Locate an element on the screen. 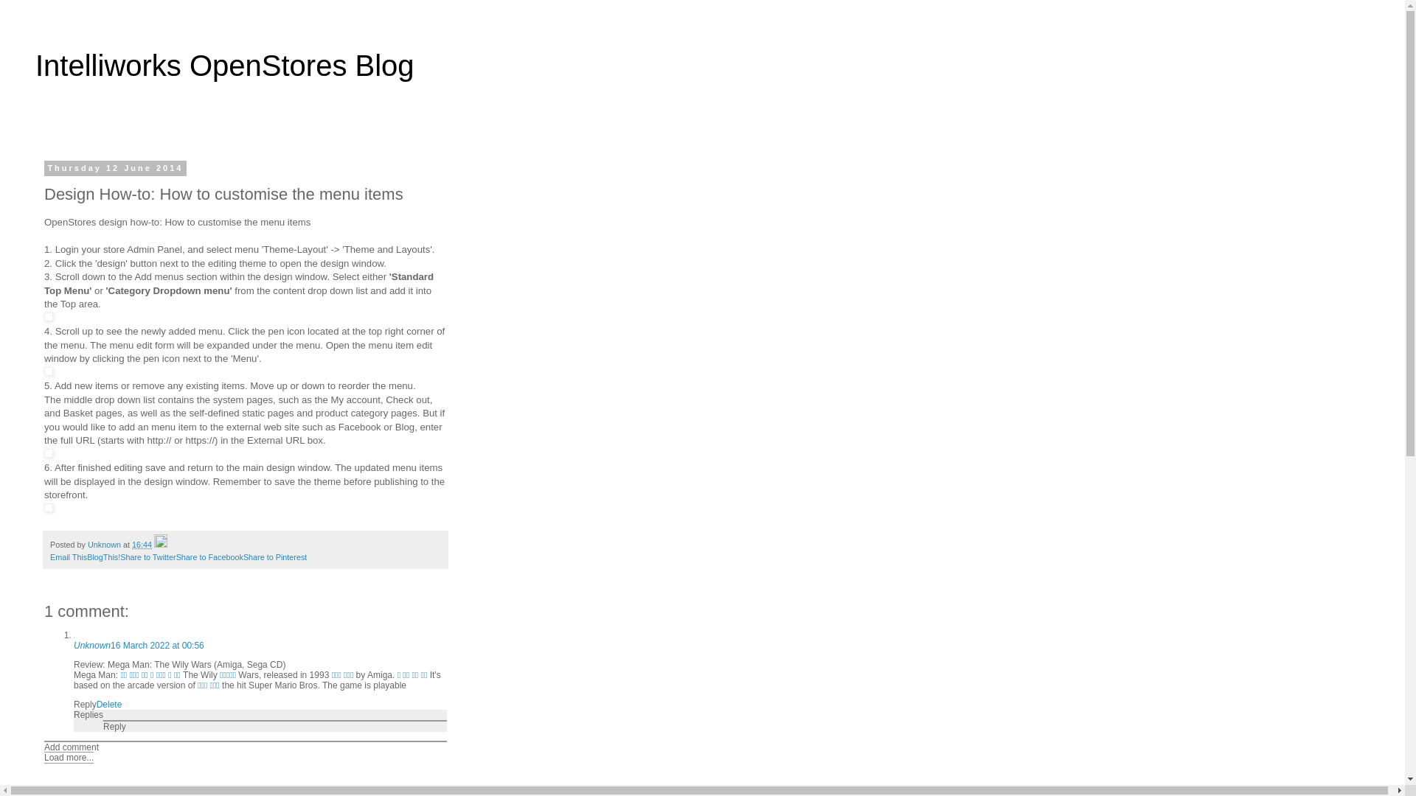 This screenshot has width=1416, height=796. 'Share to Pinterest' is located at coordinates (243, 557).